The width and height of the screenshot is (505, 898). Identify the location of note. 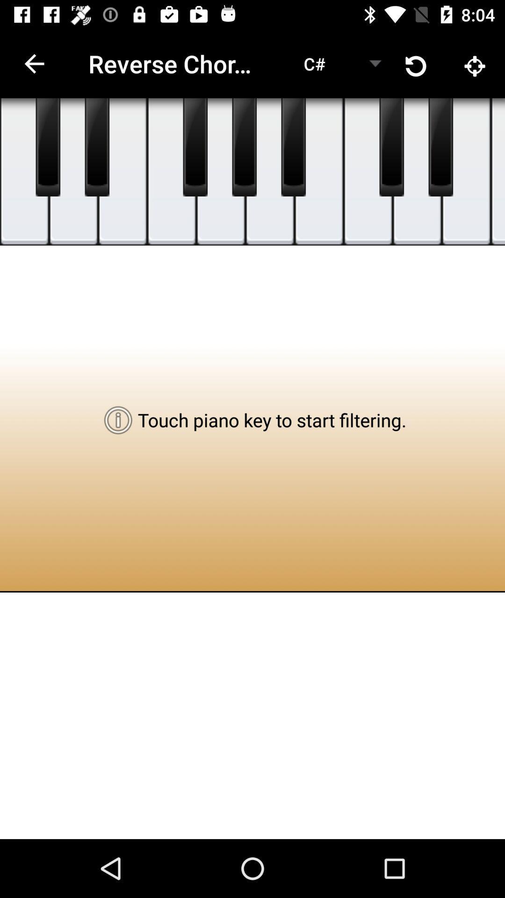
(270, 172).